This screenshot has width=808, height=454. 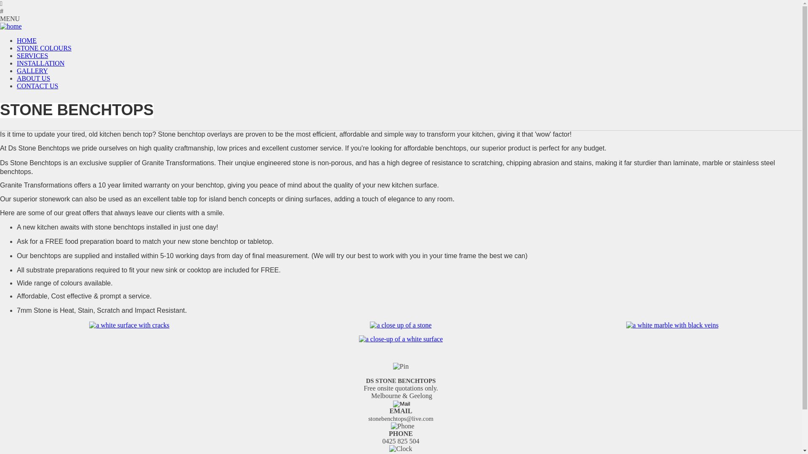 I want to click on 'MENU', so click(x=400, y=19).